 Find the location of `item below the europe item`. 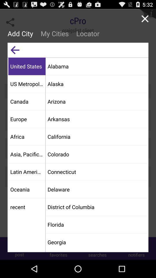

item below the europe item is located at coordinates (27, 136).